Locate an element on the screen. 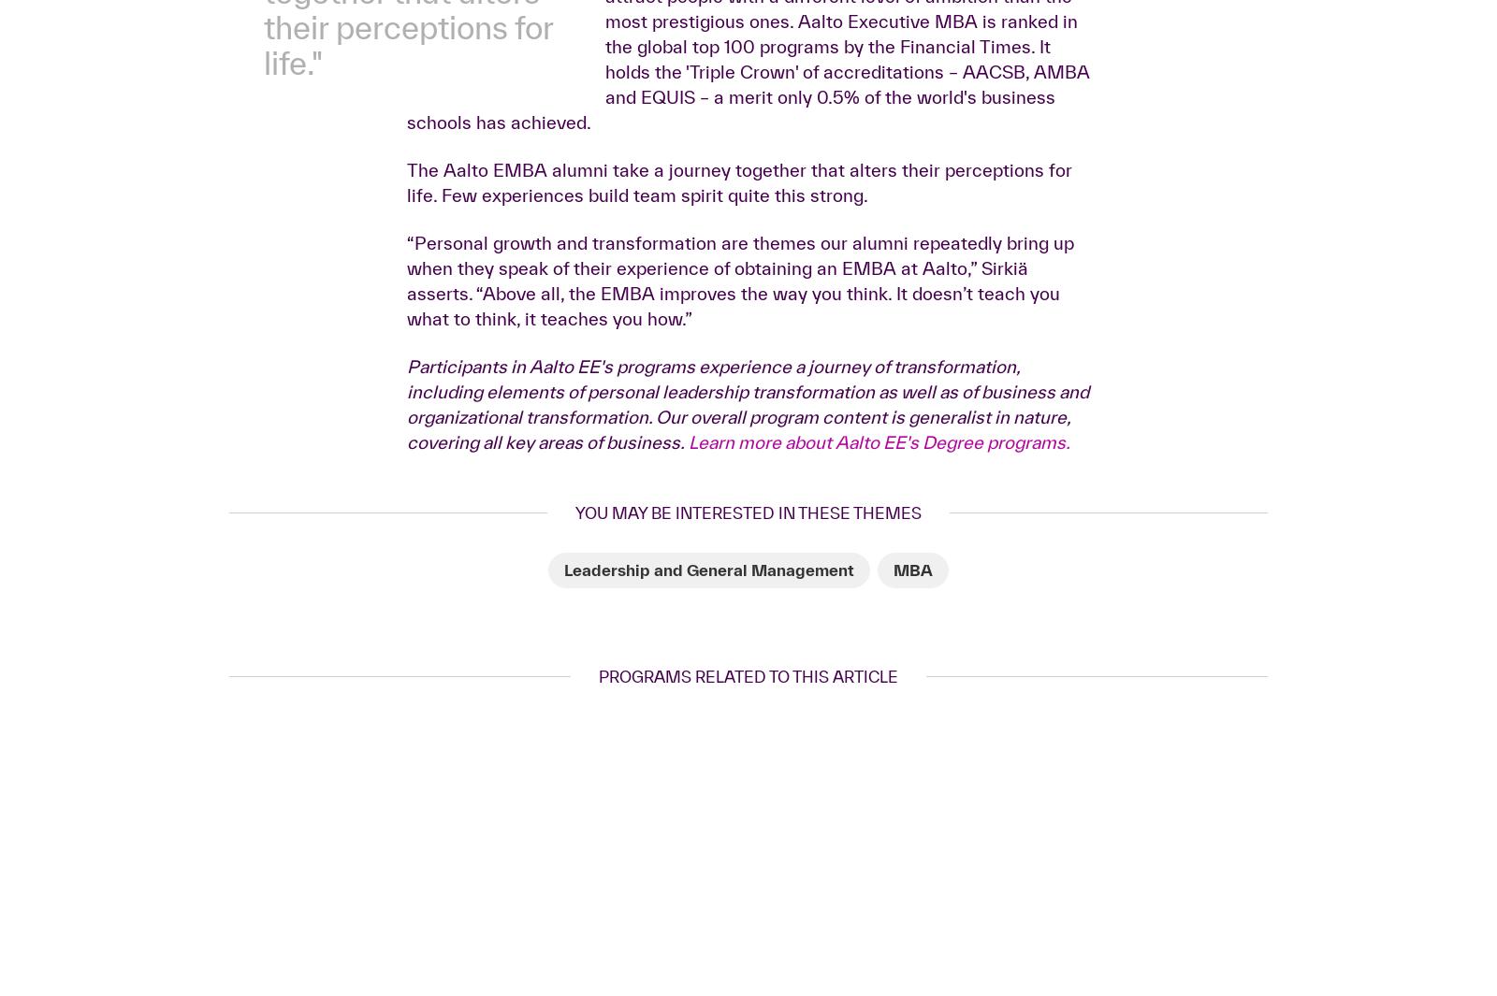 The image size is (1497, 996). '“Personal growth and transformation are themes our alumni repeatedly bring up when they speak of their experience of obtaining an EMBA at Aalto,” Sirkiä asserts. “Above all, the EMBA improves the way you think. It doesn’t teach you what to think, it teaches you how.”' is located at coordinates (740, 575).